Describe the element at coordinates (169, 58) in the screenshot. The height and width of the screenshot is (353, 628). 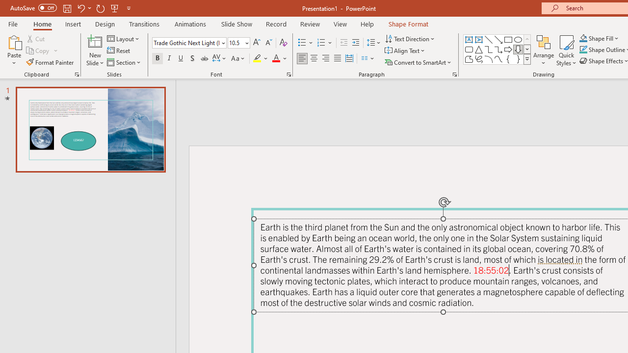
I see `'Italic'` at that location.